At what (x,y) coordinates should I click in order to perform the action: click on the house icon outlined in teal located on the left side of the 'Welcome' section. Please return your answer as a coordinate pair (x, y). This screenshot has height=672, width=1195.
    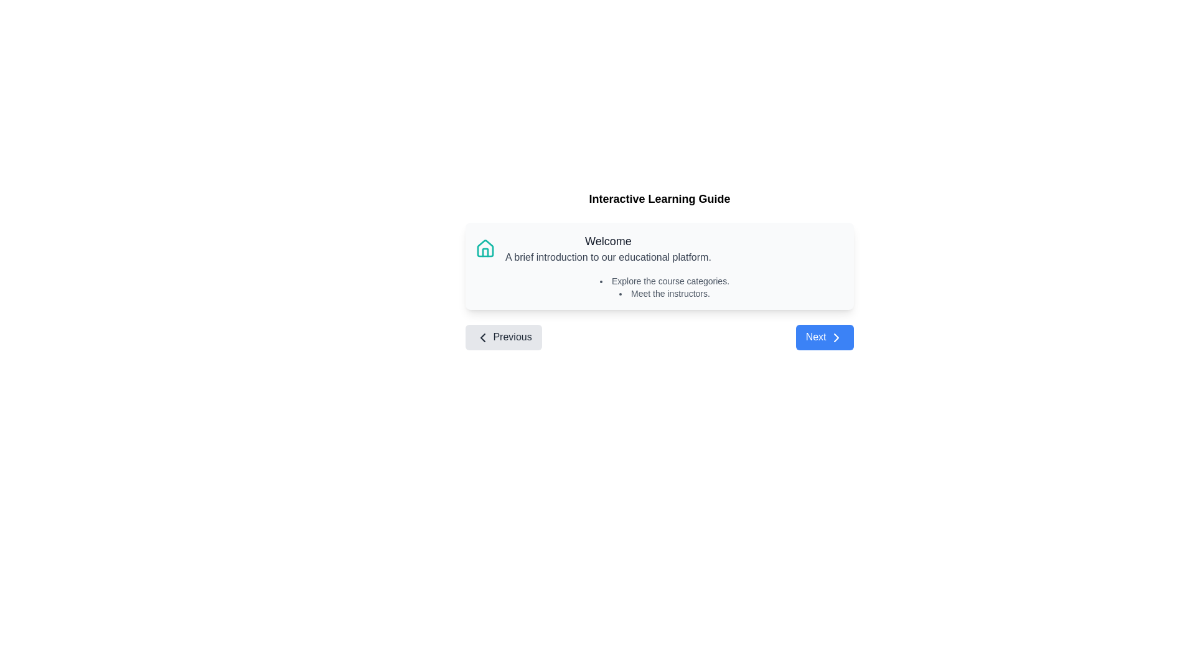
    Looking at the image, I should click on (484, 249).